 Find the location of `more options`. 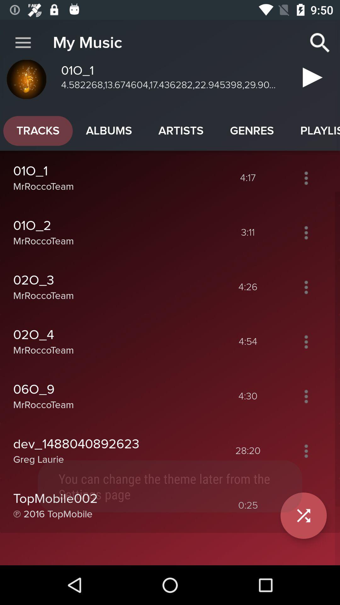

more options is located at coordinates (306, 287).